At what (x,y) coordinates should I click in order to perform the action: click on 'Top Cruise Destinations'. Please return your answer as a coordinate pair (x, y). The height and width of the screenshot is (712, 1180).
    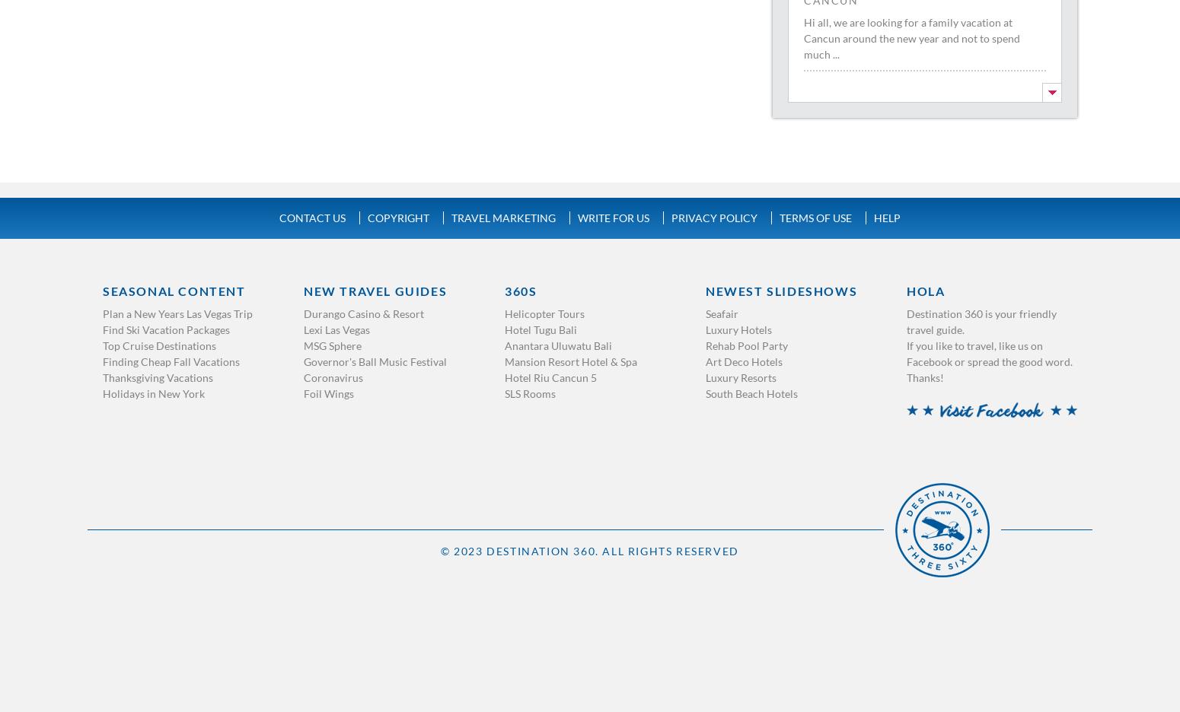
    Looking at the image, I should click on (158, 345).